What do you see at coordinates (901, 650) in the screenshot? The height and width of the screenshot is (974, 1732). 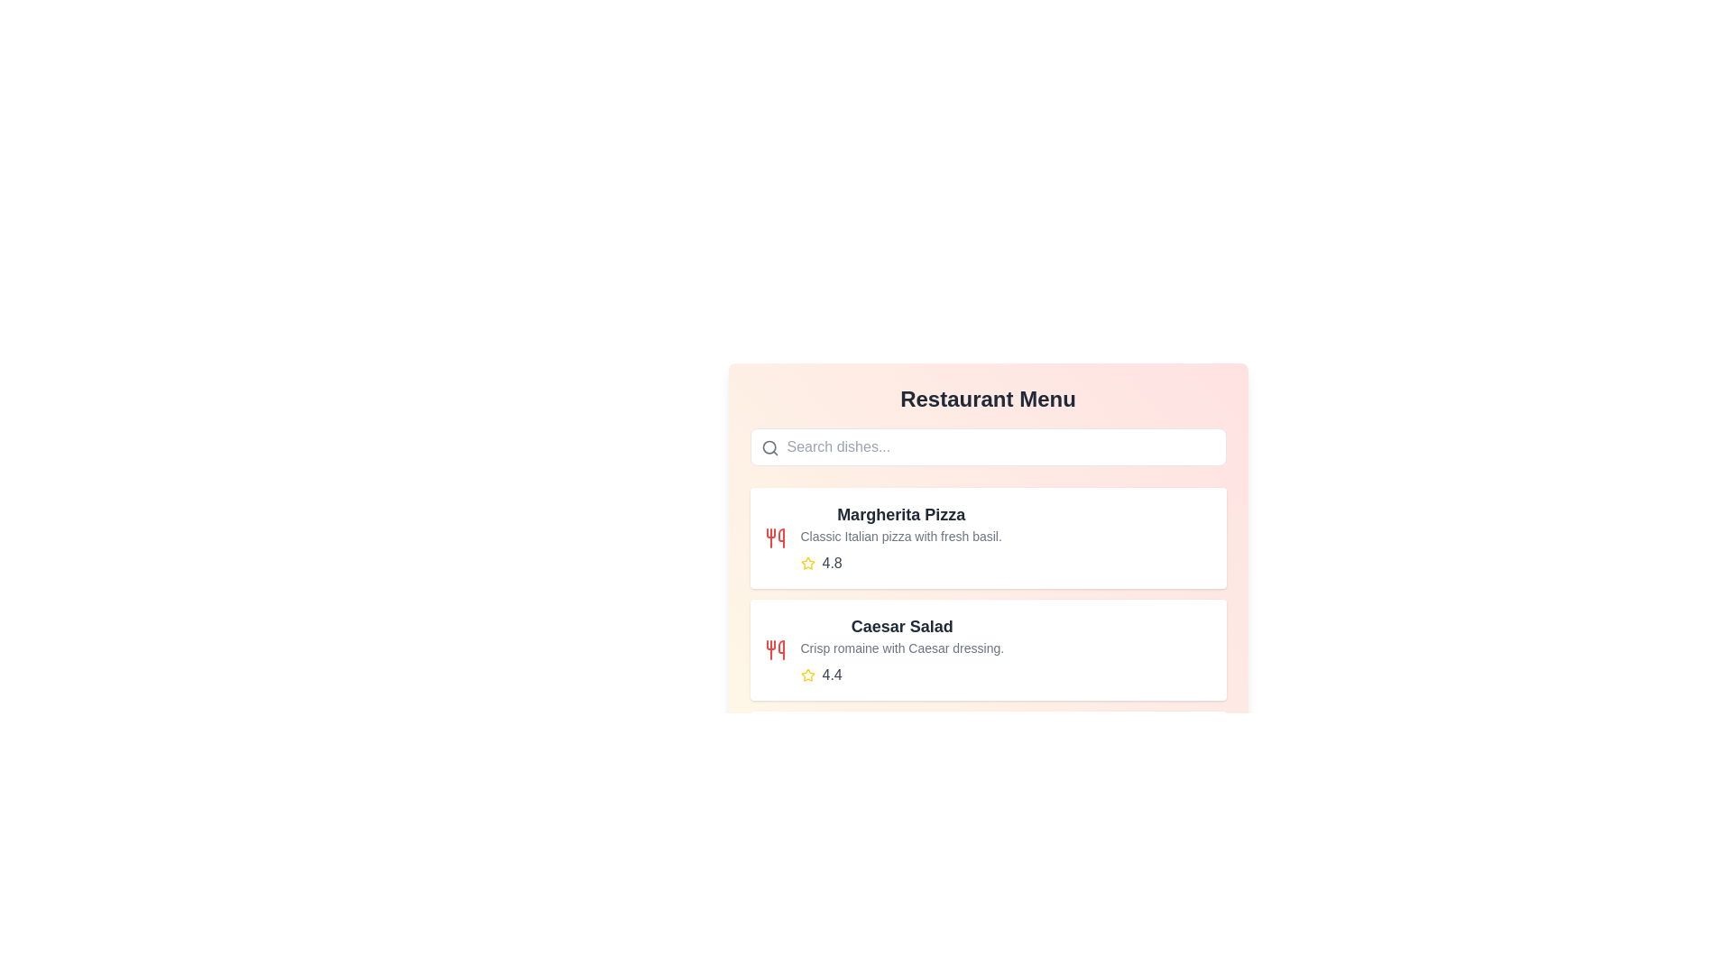 I see `the rating star of the second menu item in the vertical list located beneath 'Margherita Pizza'` at bounding box center [901, 650].